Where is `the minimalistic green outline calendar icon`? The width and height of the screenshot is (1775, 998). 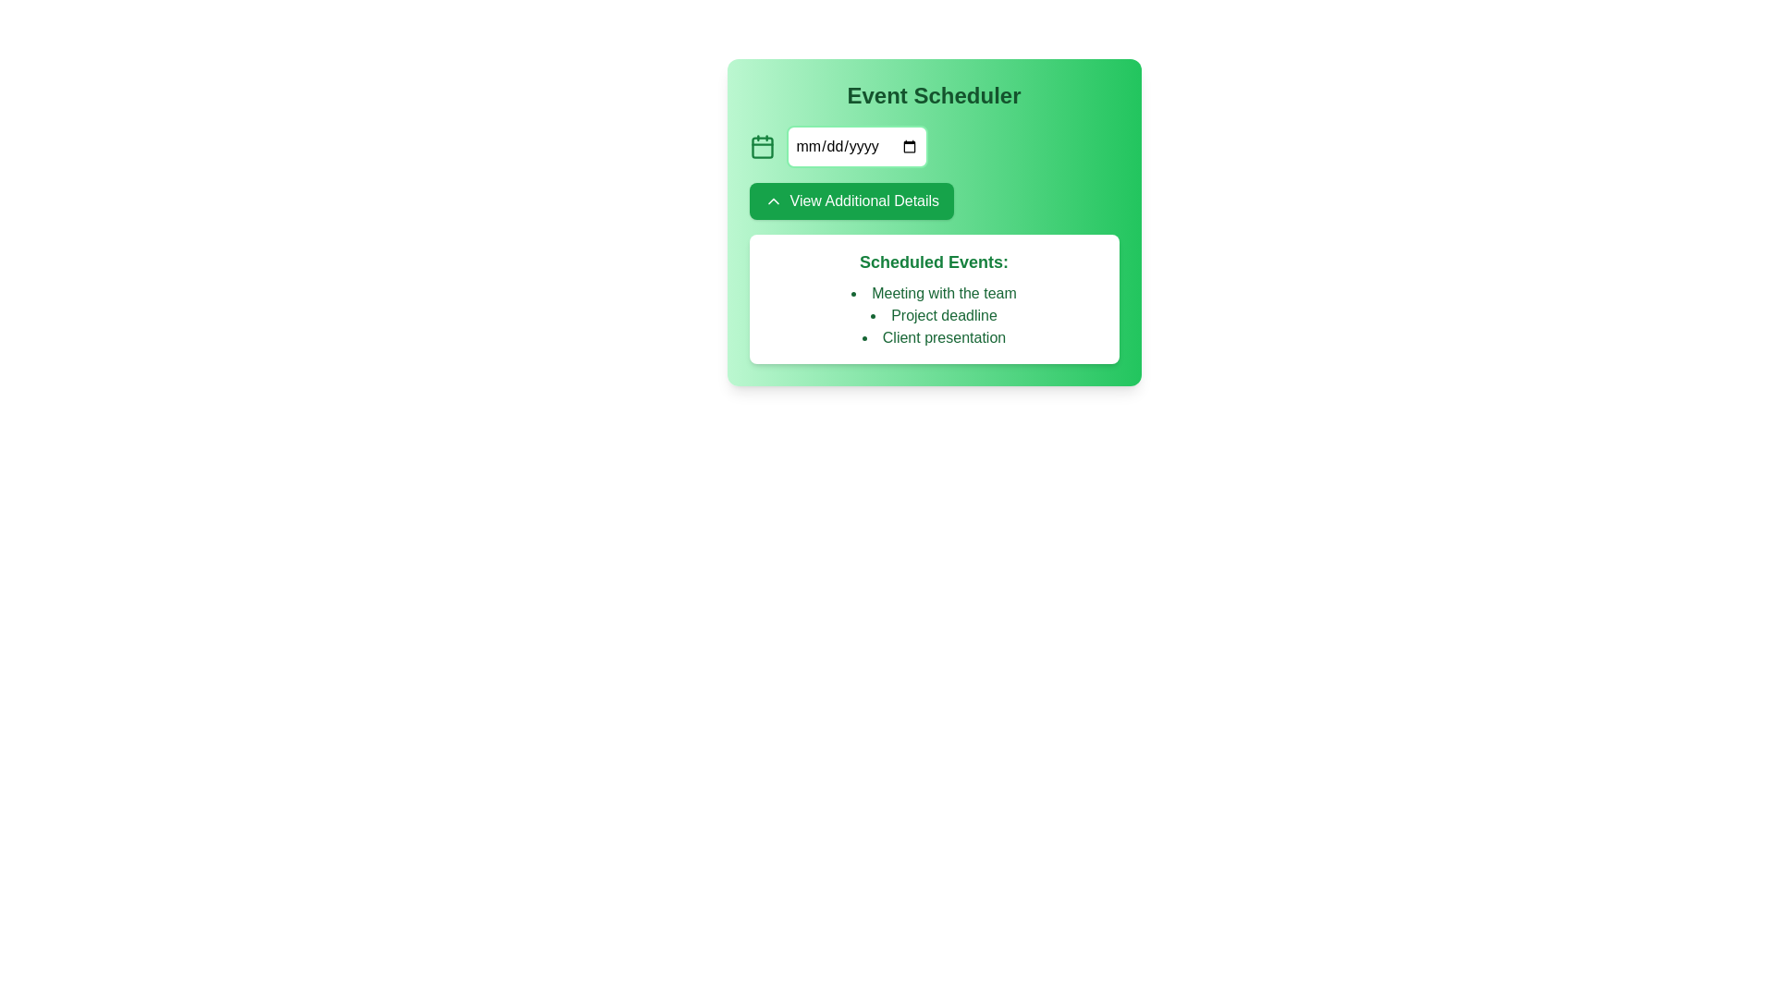 the minimalistic green outline calendar icon is located at coordinates (762, 145).